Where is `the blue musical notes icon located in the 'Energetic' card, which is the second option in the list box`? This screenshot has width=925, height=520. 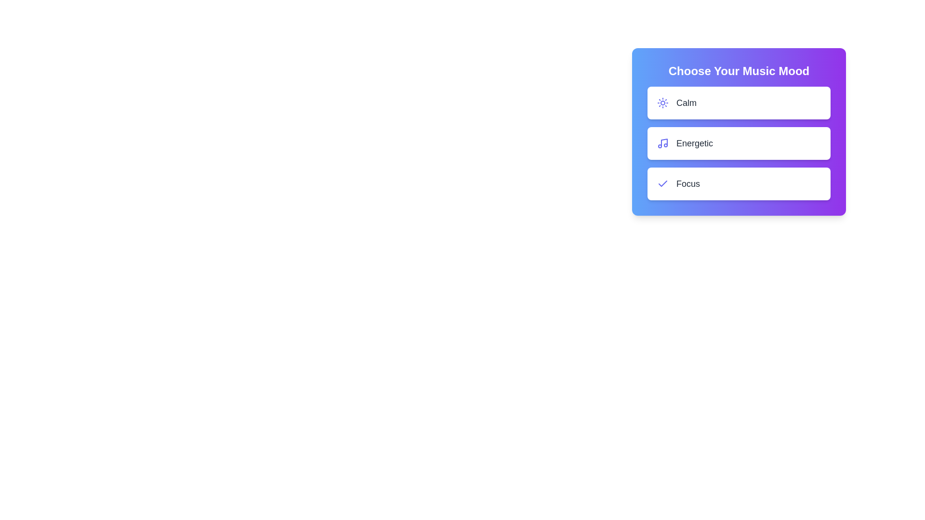
the blue musical notes icon located in the 'Energetic' card, which is the second option in the list box is located at coordinates (662, 143).